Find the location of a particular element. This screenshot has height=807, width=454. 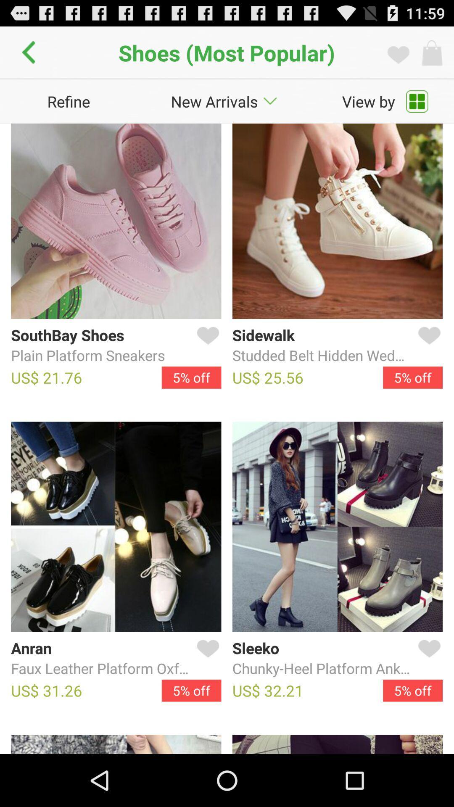

the item next to the shoes (most popular) is located at coordinates (31, 52).